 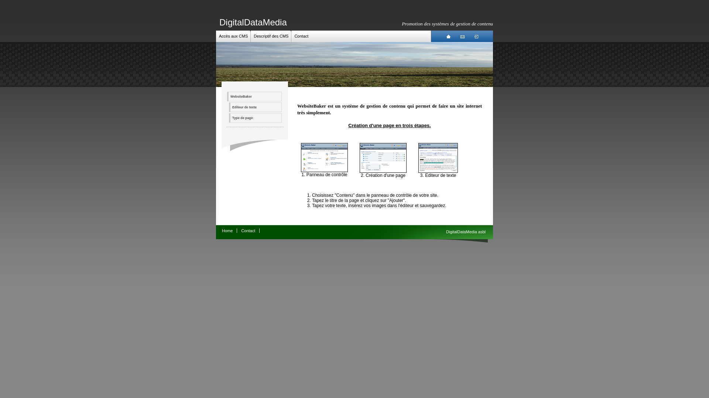 What do you see at coordinates (248, 230) in the screenshot?
I see `'Contact'` at bounding box center [248, 230].